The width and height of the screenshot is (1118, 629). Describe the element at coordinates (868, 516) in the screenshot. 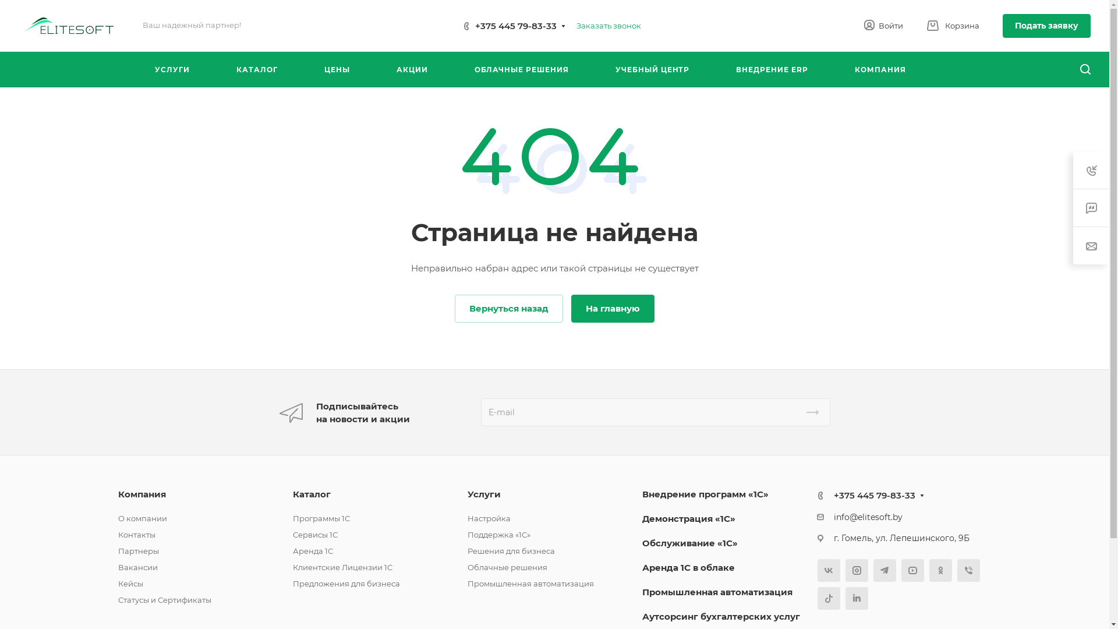

I see `'info@elitesoft.by'` at that location.